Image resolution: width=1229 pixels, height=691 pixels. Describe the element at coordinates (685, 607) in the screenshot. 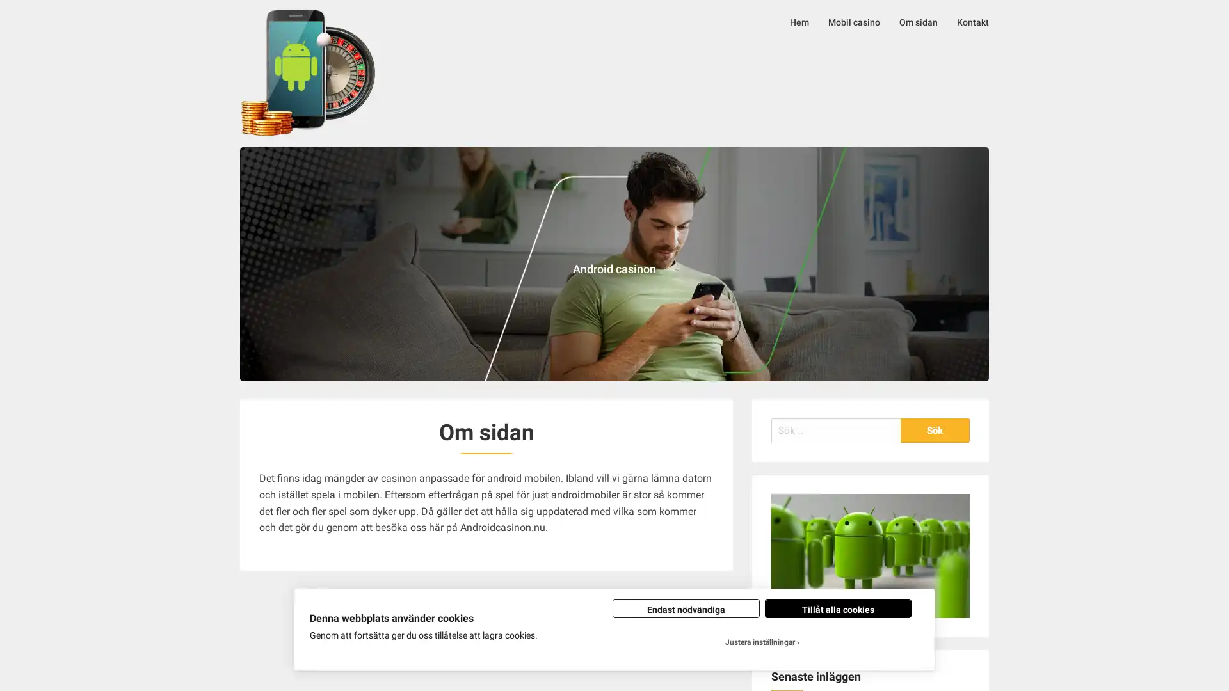

I see `Endast nodvandiga` at that location.